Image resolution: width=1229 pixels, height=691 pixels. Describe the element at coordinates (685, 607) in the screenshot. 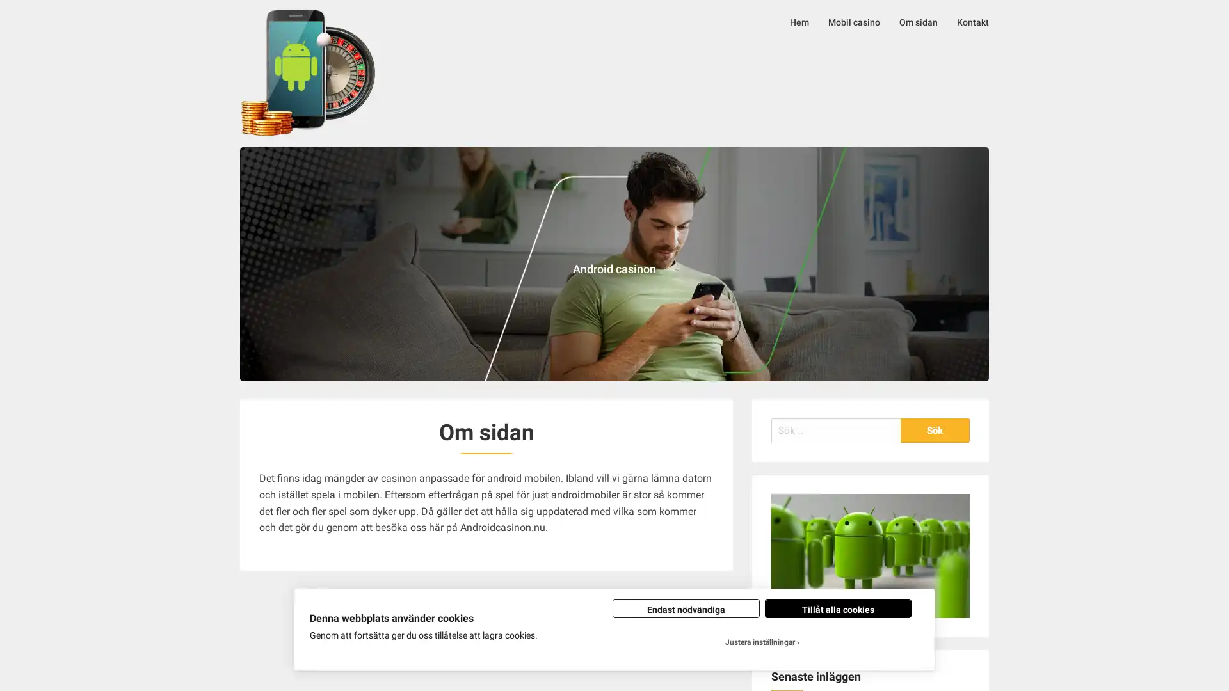

I see `Endast nodvandiga` at that location.